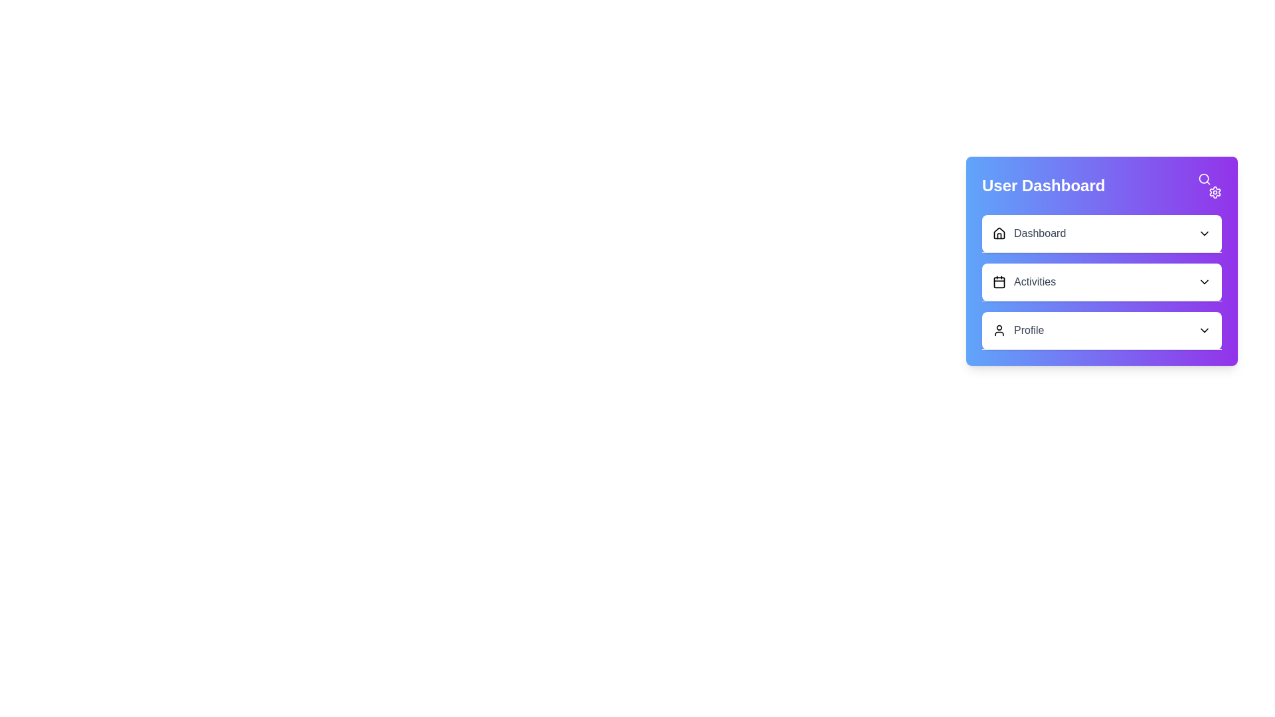 The width and height of the screenshot is (1275, 717). What do you see at coordinates (1102, 330) in the screenshot?
I see `the 'Profile' Dropdown menu` at bounding box center [1102, 330].